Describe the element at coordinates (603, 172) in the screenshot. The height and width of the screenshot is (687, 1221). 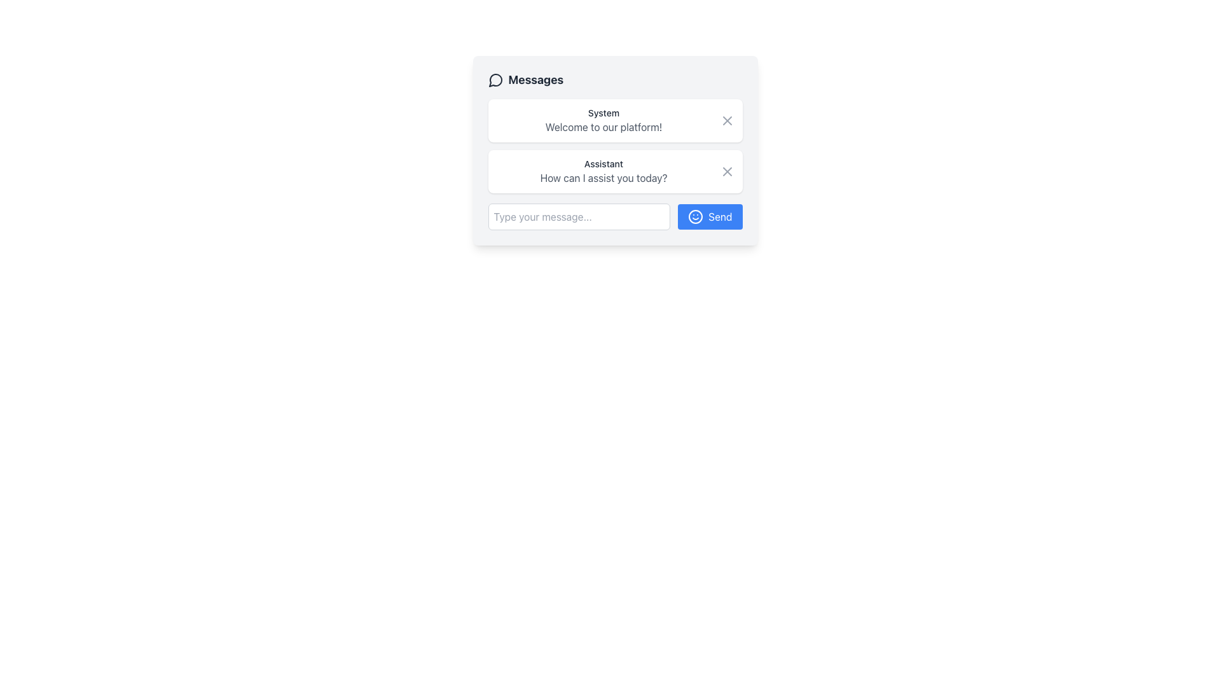
I see `on the text block featuring the heading 'Assistant' and the message 'How can I assist you today?'` at that location.